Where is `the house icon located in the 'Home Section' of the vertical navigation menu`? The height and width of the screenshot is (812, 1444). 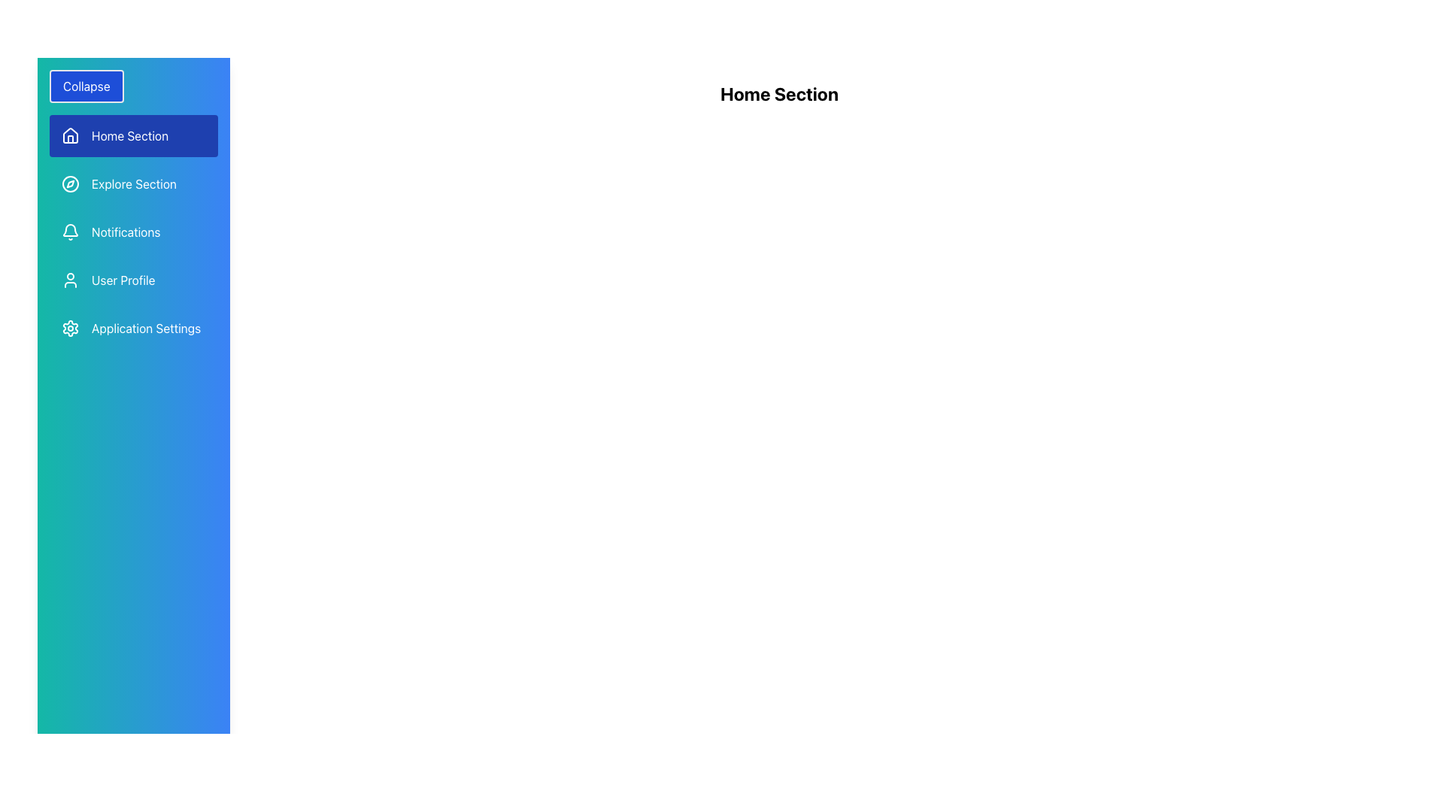 the house icon located in the 'Home Section' of the vertical navigation menu is located at coordinates (70, 135).